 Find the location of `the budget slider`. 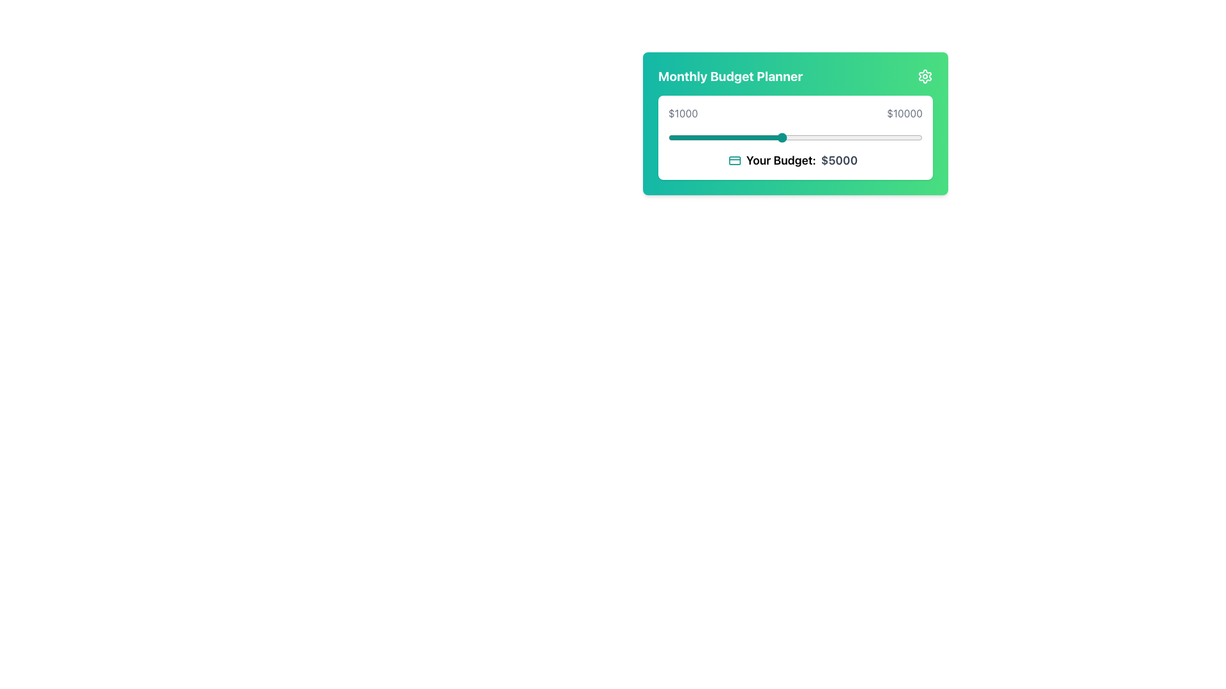

the budget slider is located at coordinates (723, 138).